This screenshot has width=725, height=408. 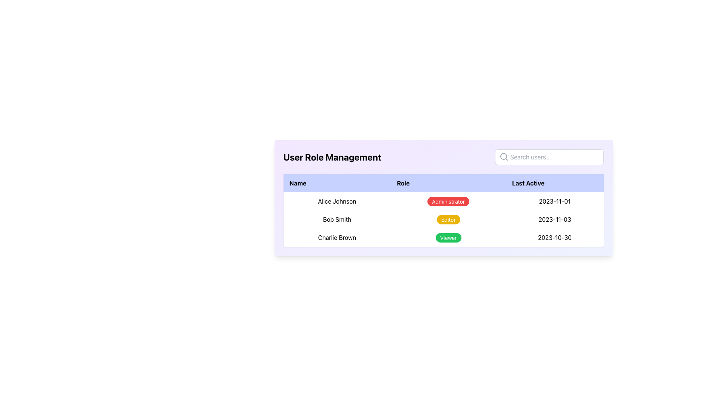 What do you see at coordinates (448, 237) in the screenshot?
I see `the static label indicating the user role of 'Charlie Brown' in the 'User Role Management' table, located in the last position of the 'Role' column` at bounding box center [448, 237].